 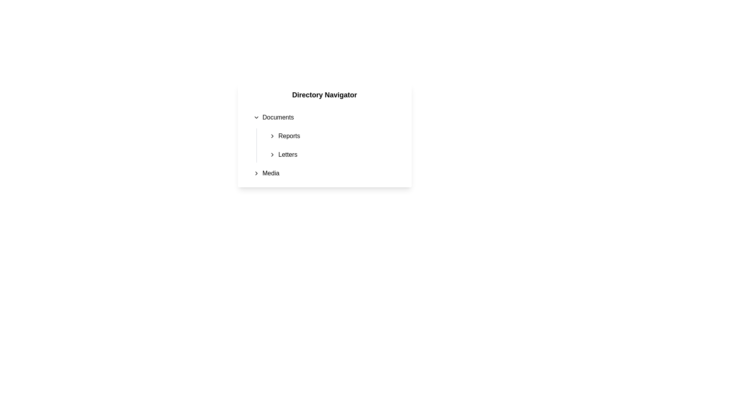 What do you see at coordinates (287, 154) in the screenshot?
I see `the text label displaying 'Letters', which is positioned between 'Reports' and 'Media' in the hierarchical list interface` at bounding box center [287, 154].